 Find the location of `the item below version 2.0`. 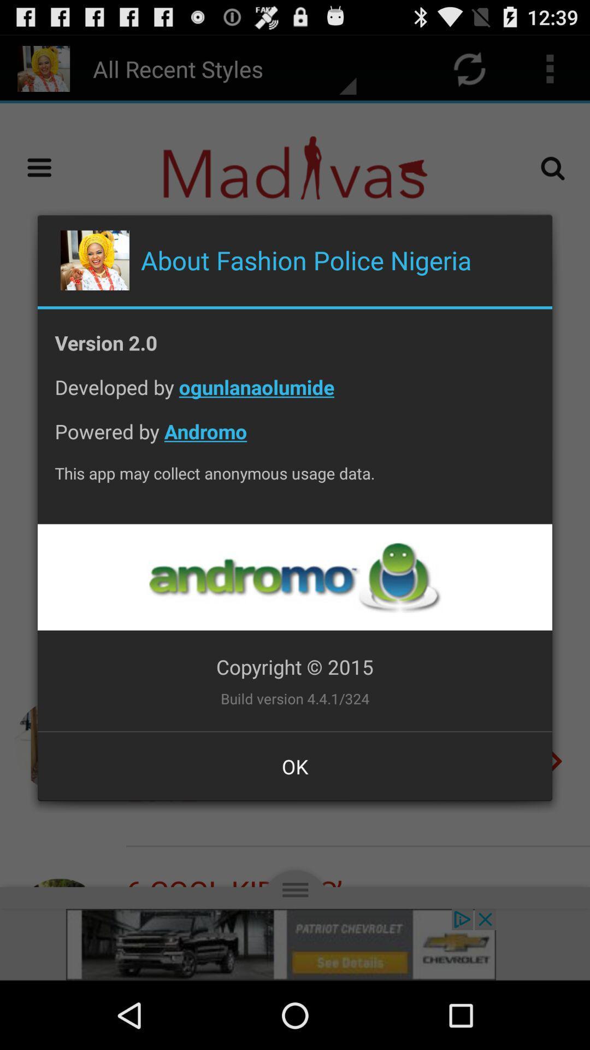

the item below version 2.0 is located at coordinates (295, 395).